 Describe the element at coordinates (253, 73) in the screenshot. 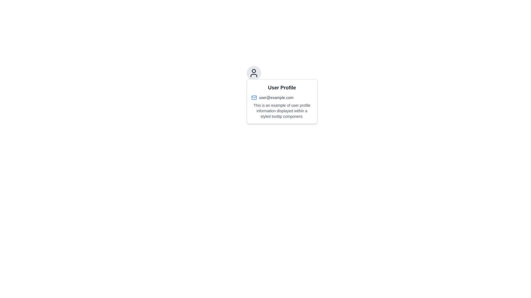

I see `the user profile icon located above the tooltip box that contains user information` at that location.